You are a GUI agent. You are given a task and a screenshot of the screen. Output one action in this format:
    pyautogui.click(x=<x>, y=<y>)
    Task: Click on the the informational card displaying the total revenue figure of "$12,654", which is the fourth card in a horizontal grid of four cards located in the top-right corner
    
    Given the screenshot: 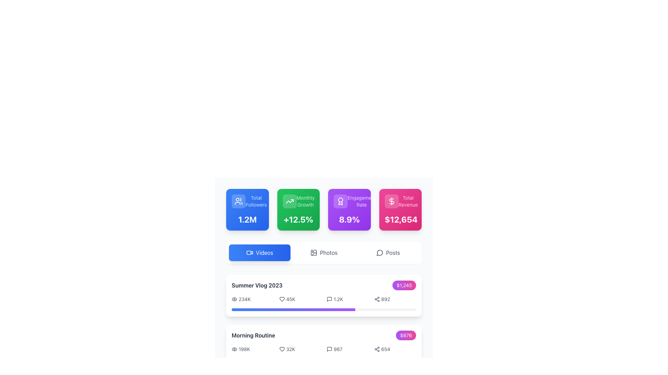 What is the action you would take?
    pyautogui.click(x=400, y=209)
    